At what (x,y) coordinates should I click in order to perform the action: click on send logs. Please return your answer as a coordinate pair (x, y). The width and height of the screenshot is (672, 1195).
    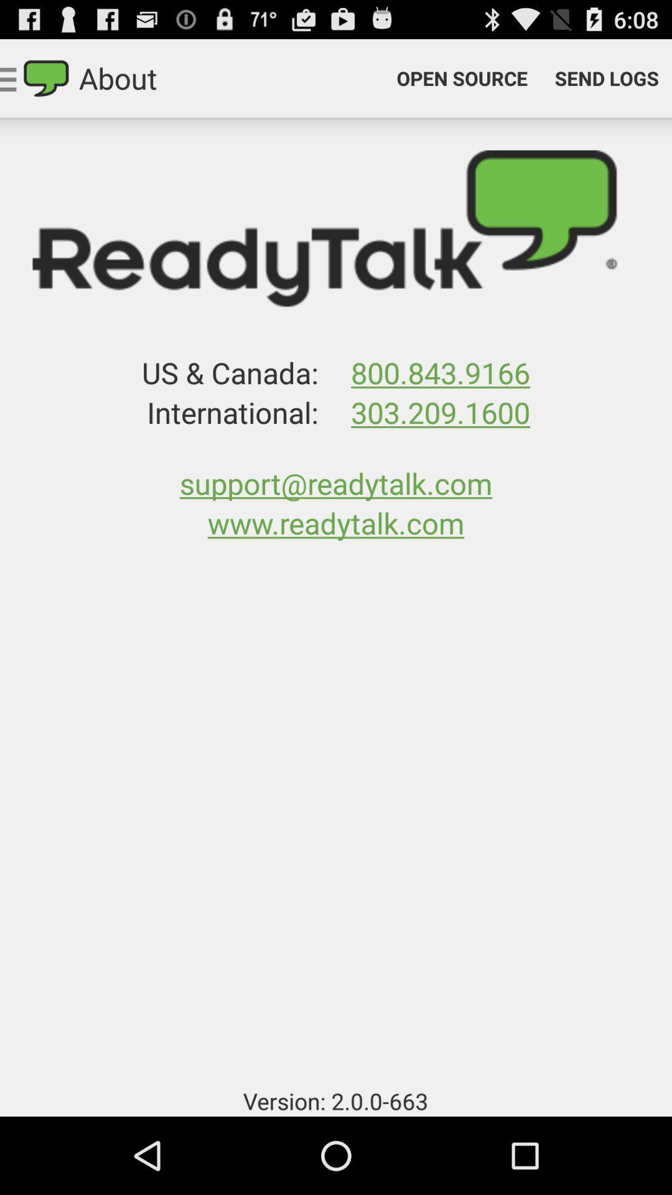
    Looking at the image, I should click on (606, 77).